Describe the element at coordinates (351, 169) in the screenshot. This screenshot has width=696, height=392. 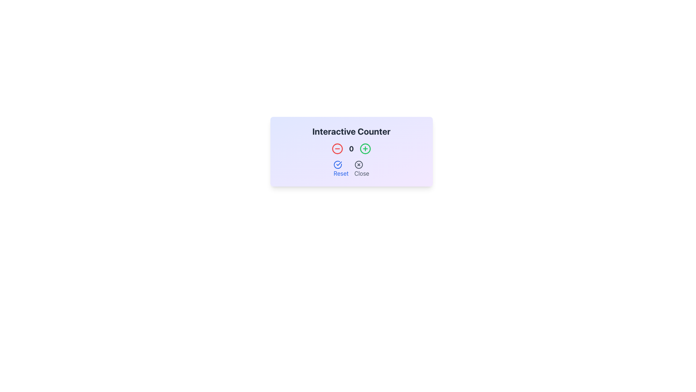
I see `the 'Close' button with a gray label and 'X' icon in the Group of Buttons located within the 'Interactive Counter' panel` at that location.